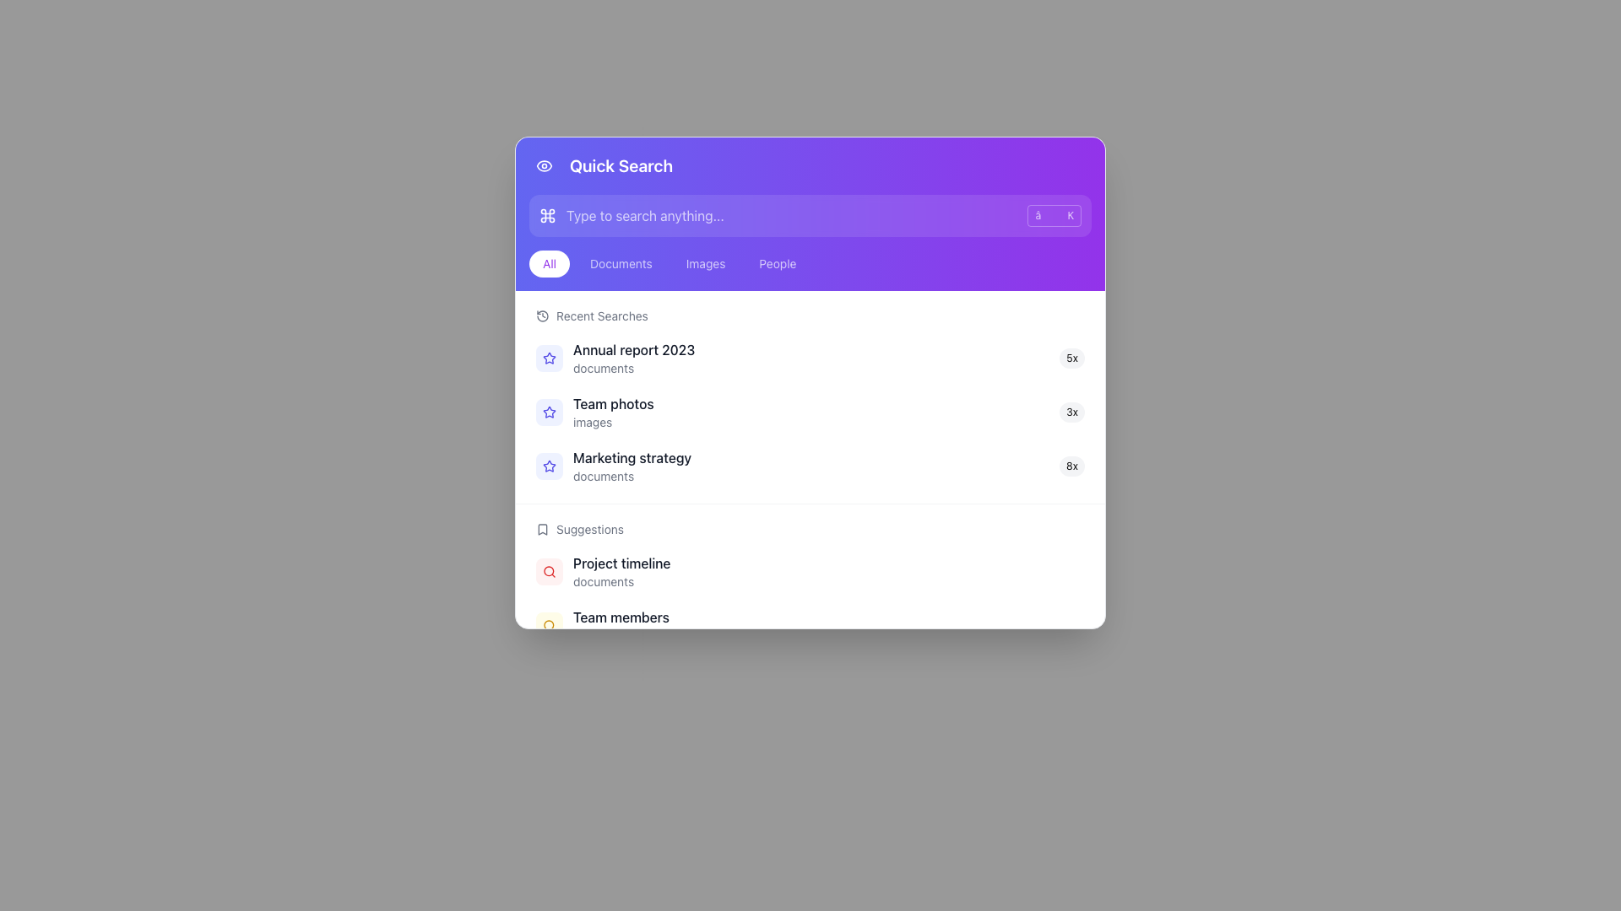 The height and width of the screenshot is (911, 1621). I want to click on the visual marker icon located in the second item of the 'Recent Searches' list next, so click(548, 357).